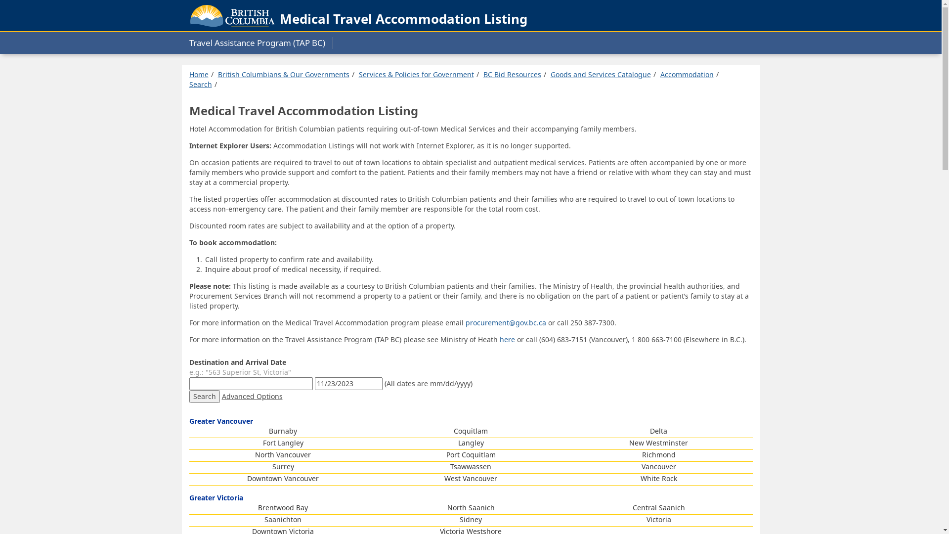 The height and width of the screenshot is (534, 949). Describe the element at coordinates (658, 454) in the screenshot. I see `'Richmond'` at that location.